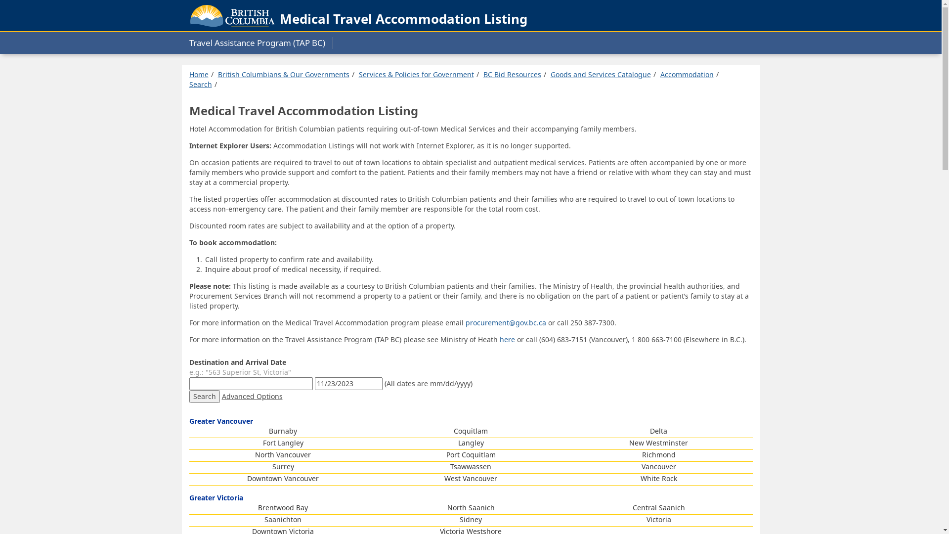 The height and width of the screenshot is (534, 949). Describe the element at coordinates (658, 454) in the screenshot. I see `'Richmond'` at that location.